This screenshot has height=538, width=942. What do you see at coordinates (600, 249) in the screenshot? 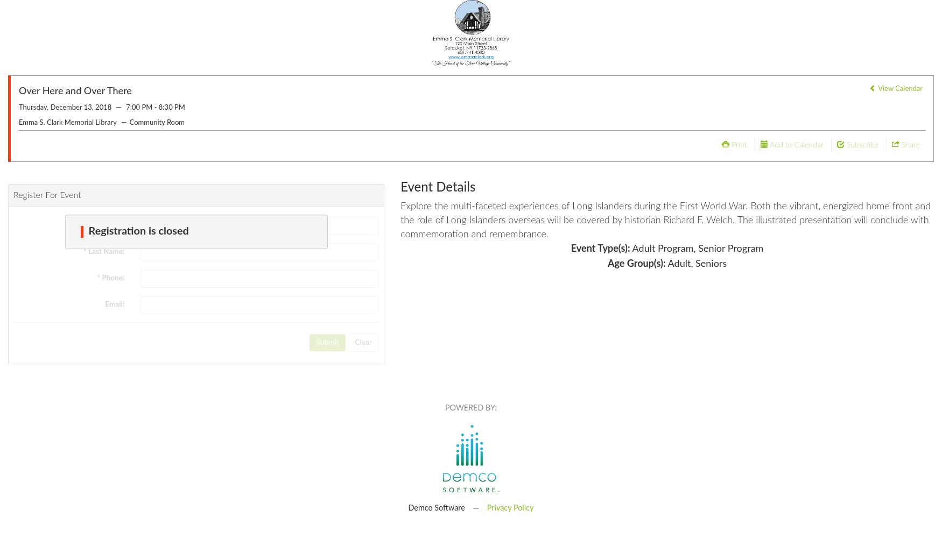
I see `'Event Type(s):'` at bounding box center [600, 249].